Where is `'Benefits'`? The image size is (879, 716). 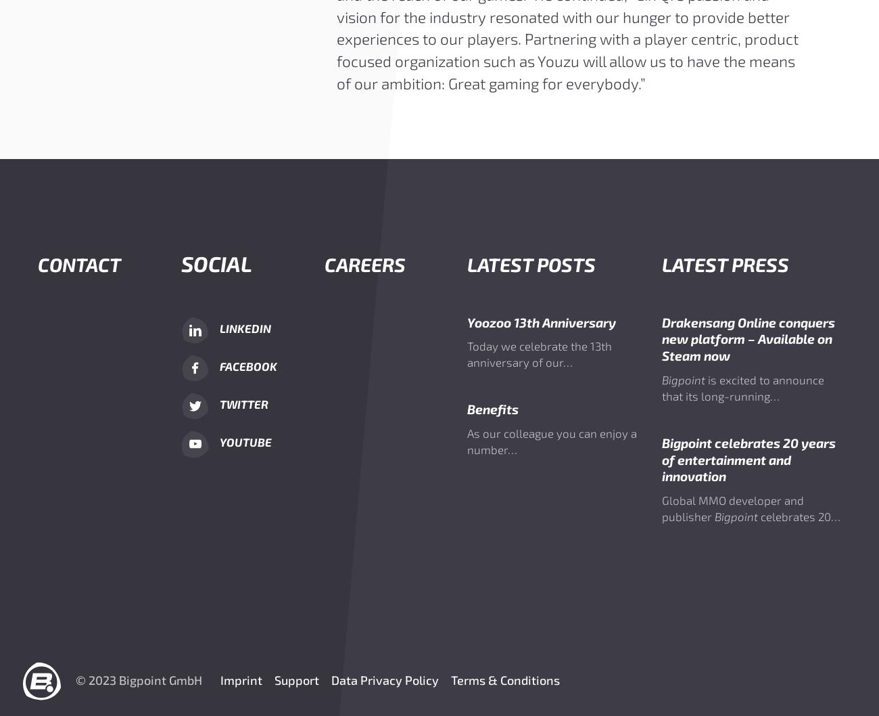 'Benefits' is located at coordinates (493, 409).